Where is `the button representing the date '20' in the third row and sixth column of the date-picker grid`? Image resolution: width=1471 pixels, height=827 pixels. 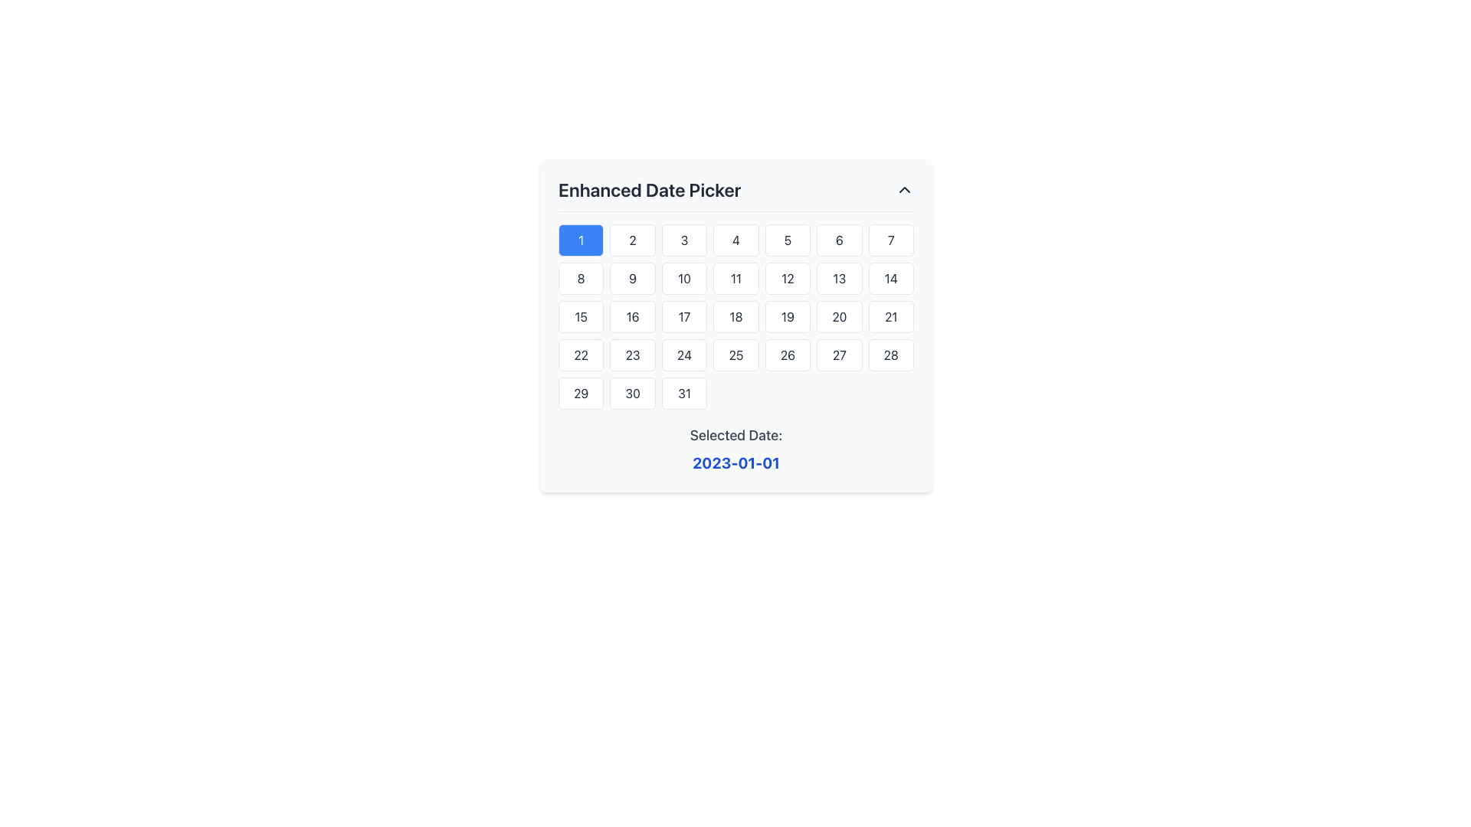
the button representing the date '20' in the third row and sixth column of the date-picker grid is located at coordinates (838, 315).